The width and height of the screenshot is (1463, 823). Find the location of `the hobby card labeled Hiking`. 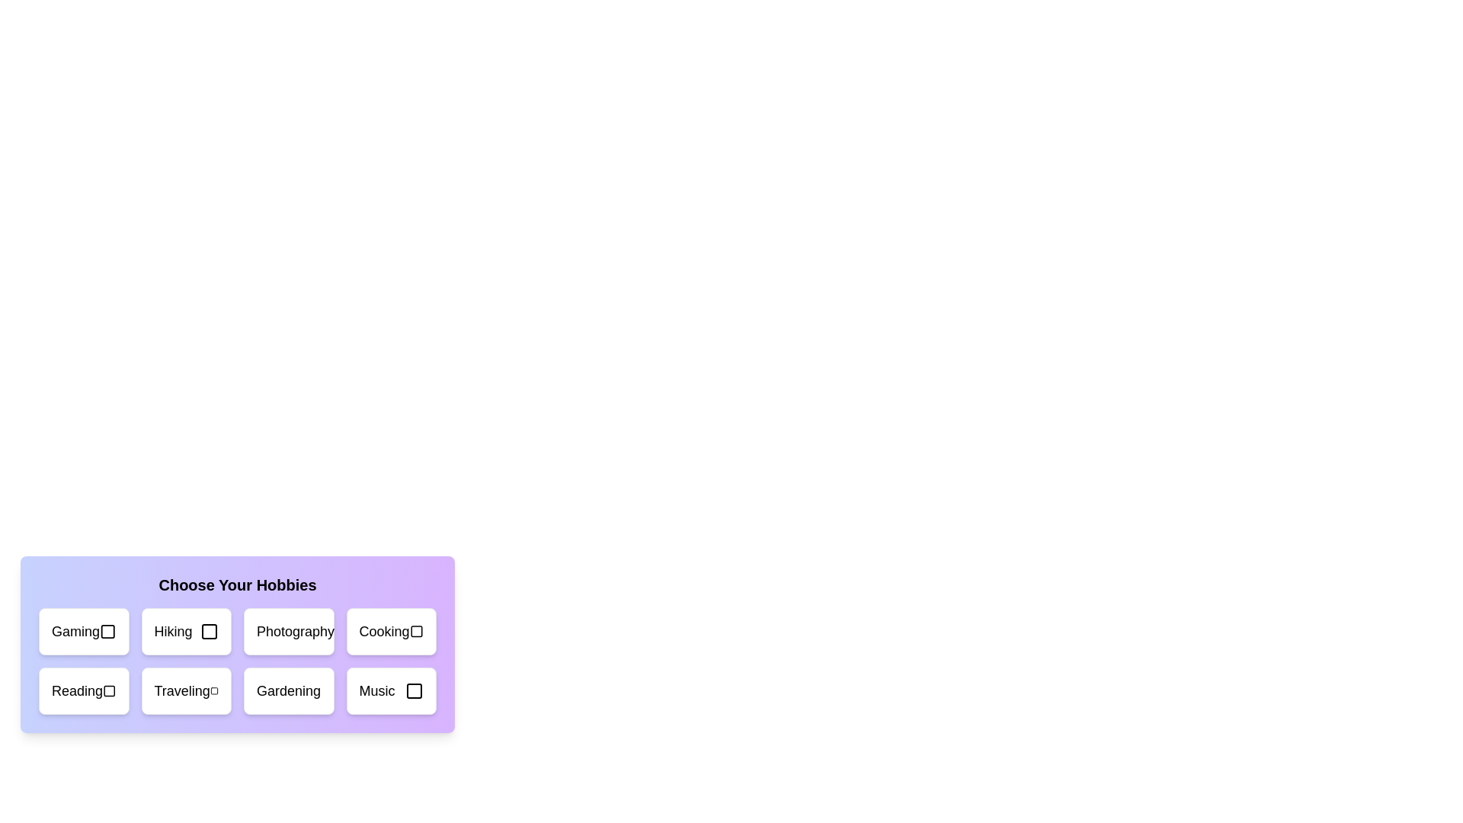

the hobby card labeled Hiking is located at coordinates (185, 632).